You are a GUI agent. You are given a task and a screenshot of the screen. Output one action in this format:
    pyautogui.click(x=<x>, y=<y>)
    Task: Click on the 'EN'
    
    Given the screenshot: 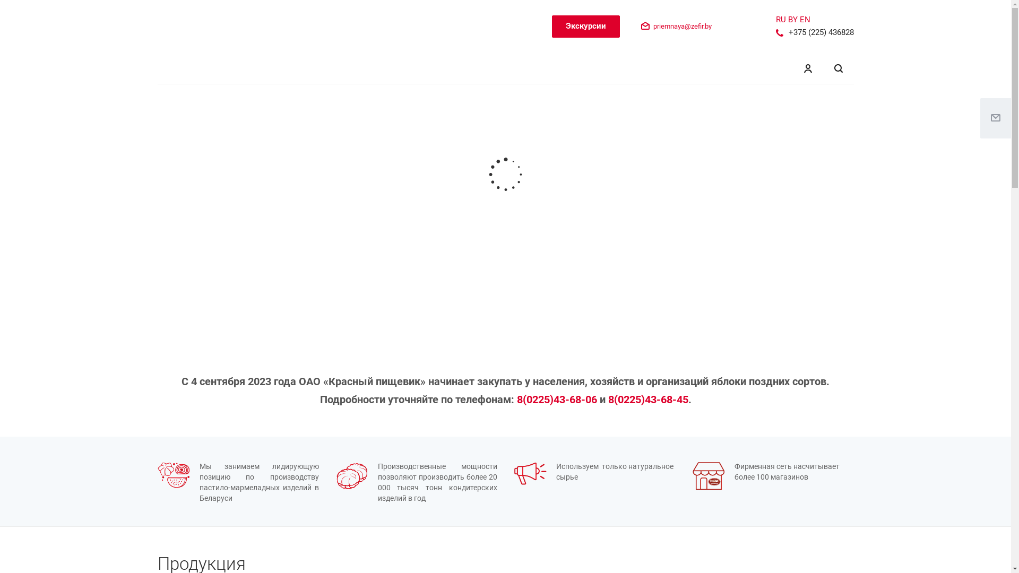 What is the action you would take?
    pyautogui.click(x=805, y=20)
    